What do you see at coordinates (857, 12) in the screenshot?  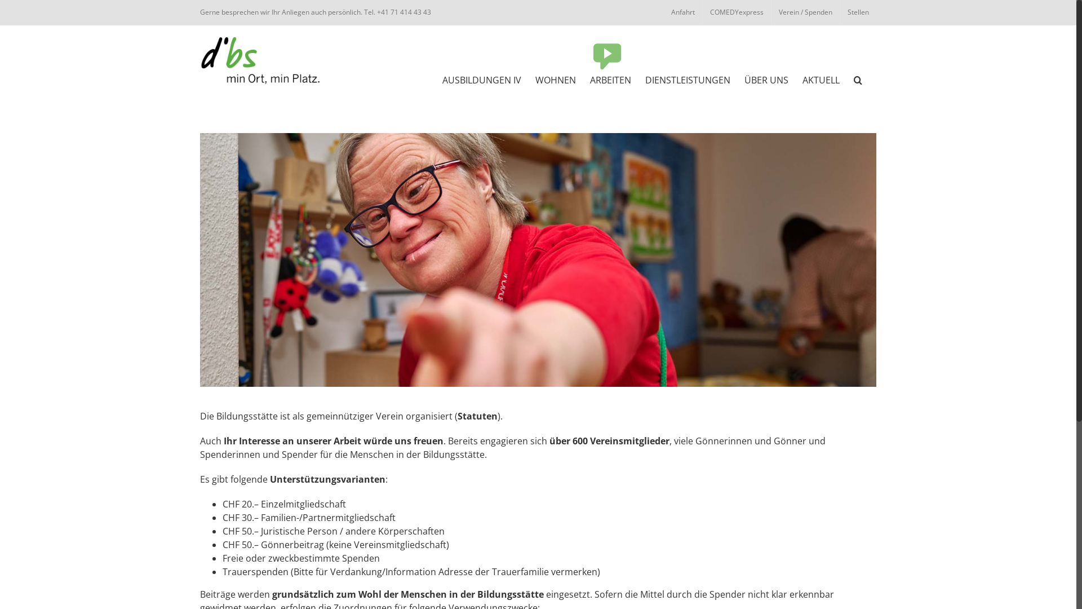 I see `'Stellen'` at bounding box center [857, 12].